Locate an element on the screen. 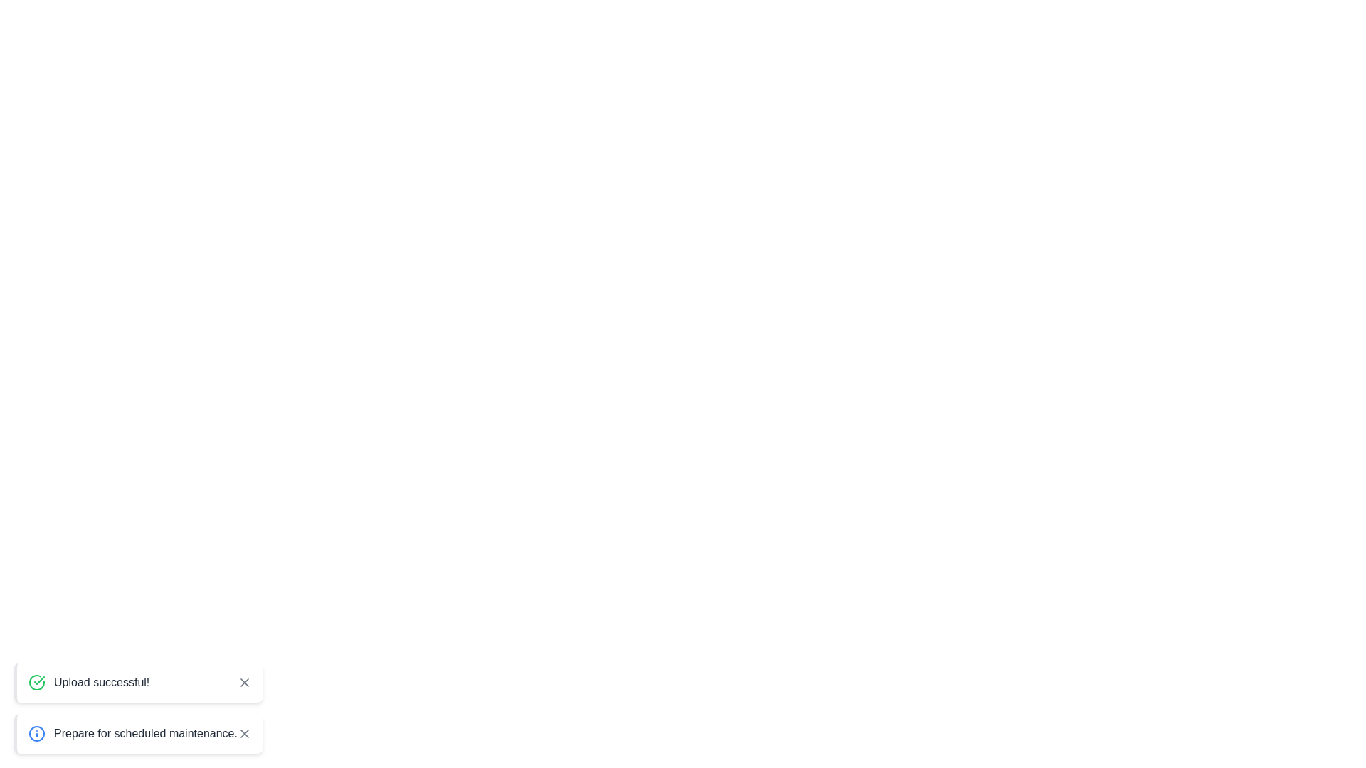 This screenshot has height=768, width=1366. the close button of the notification with the message 'Upload successful!' is located at coordinates (244, 682).